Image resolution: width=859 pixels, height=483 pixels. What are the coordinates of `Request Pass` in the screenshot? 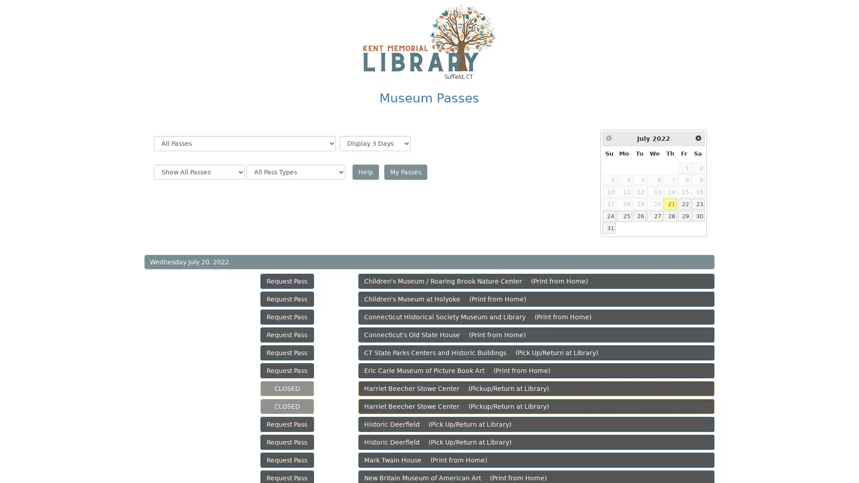 It's located at (287, 299).